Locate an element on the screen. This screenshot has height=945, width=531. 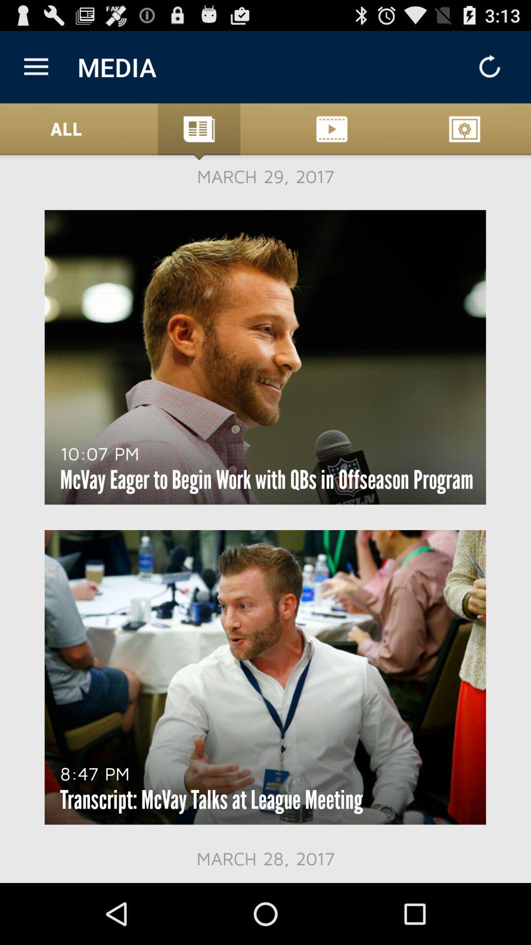
item below 8:47 pm icon is located at coordinates (211, 800).